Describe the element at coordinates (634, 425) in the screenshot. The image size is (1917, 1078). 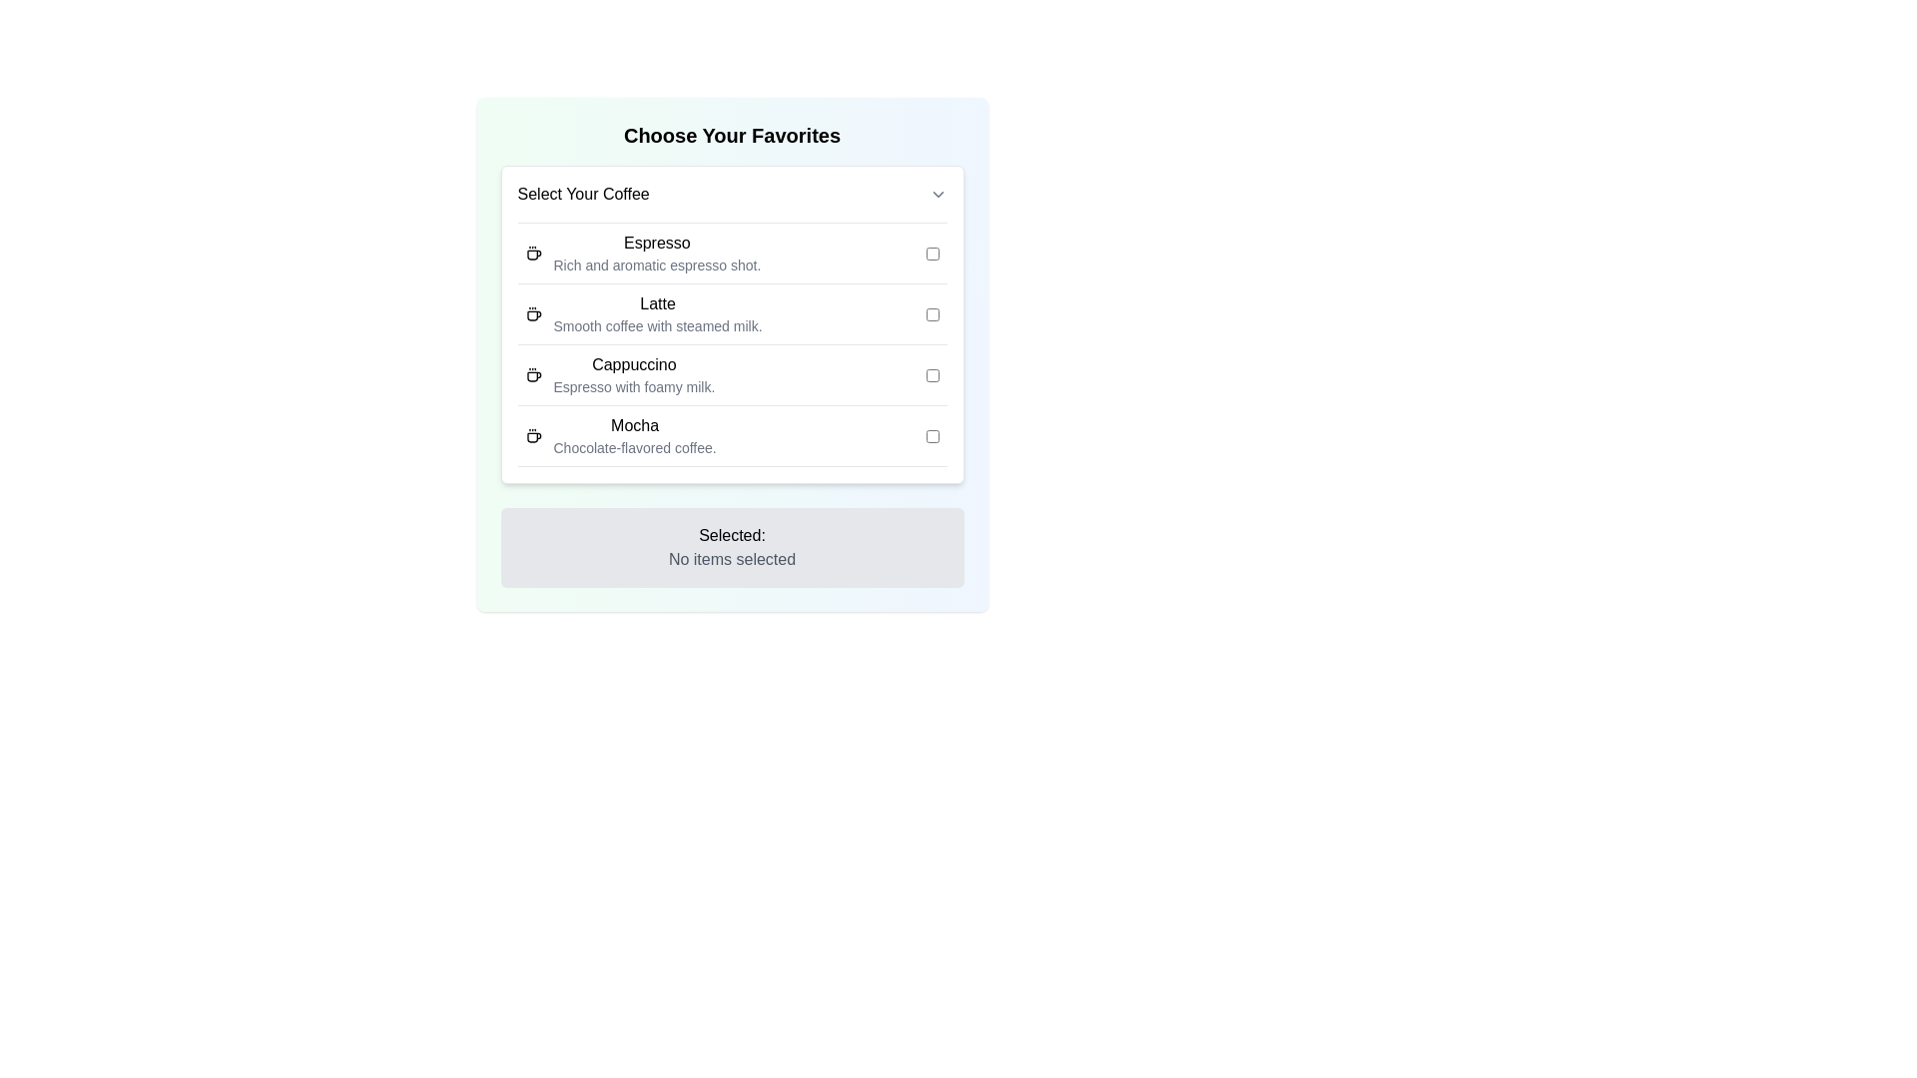
I see `the text label identifying the coffee option titled 'Mocha' in the selection menu` at that location.